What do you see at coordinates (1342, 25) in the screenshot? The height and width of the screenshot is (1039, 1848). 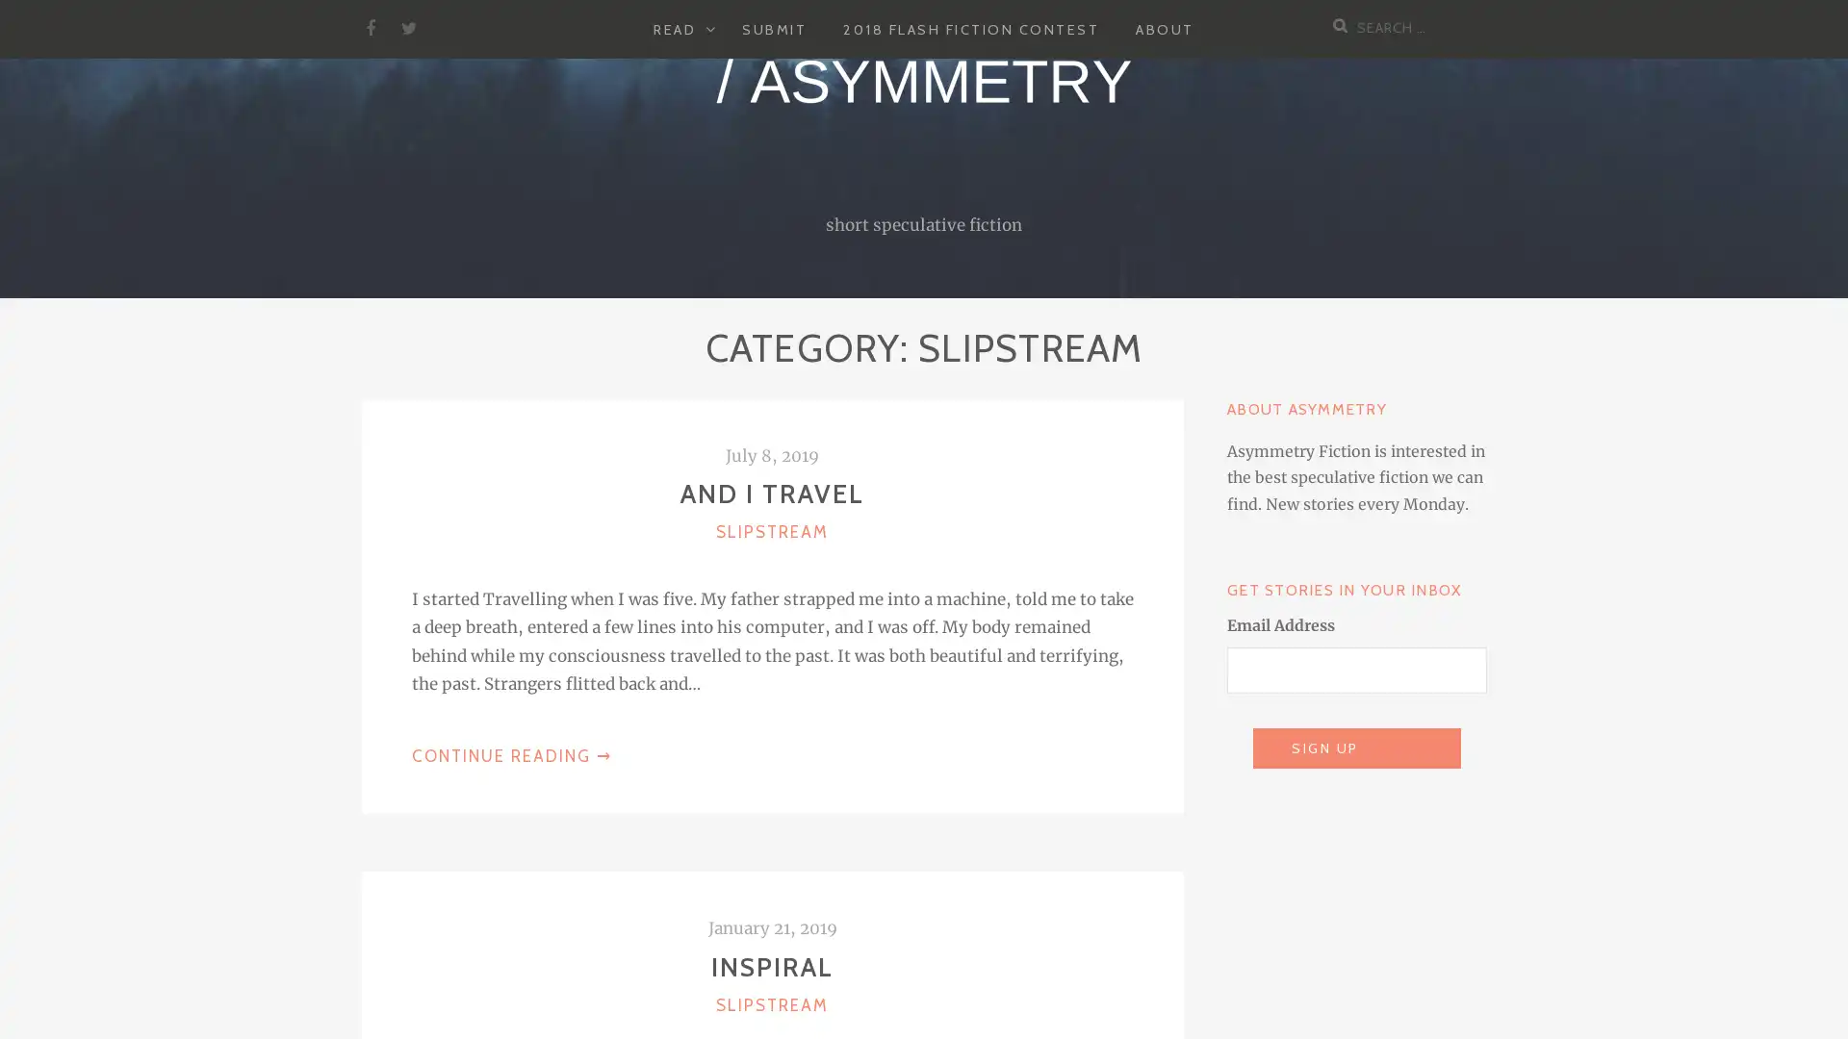 I see `Search` at bounding box center [1342, 25].